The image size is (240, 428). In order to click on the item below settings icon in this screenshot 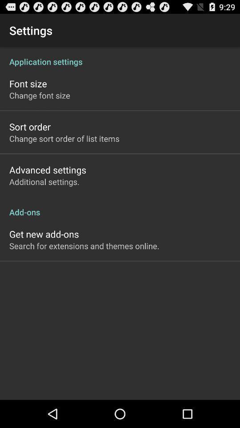, I will do `click(120, 56)`.